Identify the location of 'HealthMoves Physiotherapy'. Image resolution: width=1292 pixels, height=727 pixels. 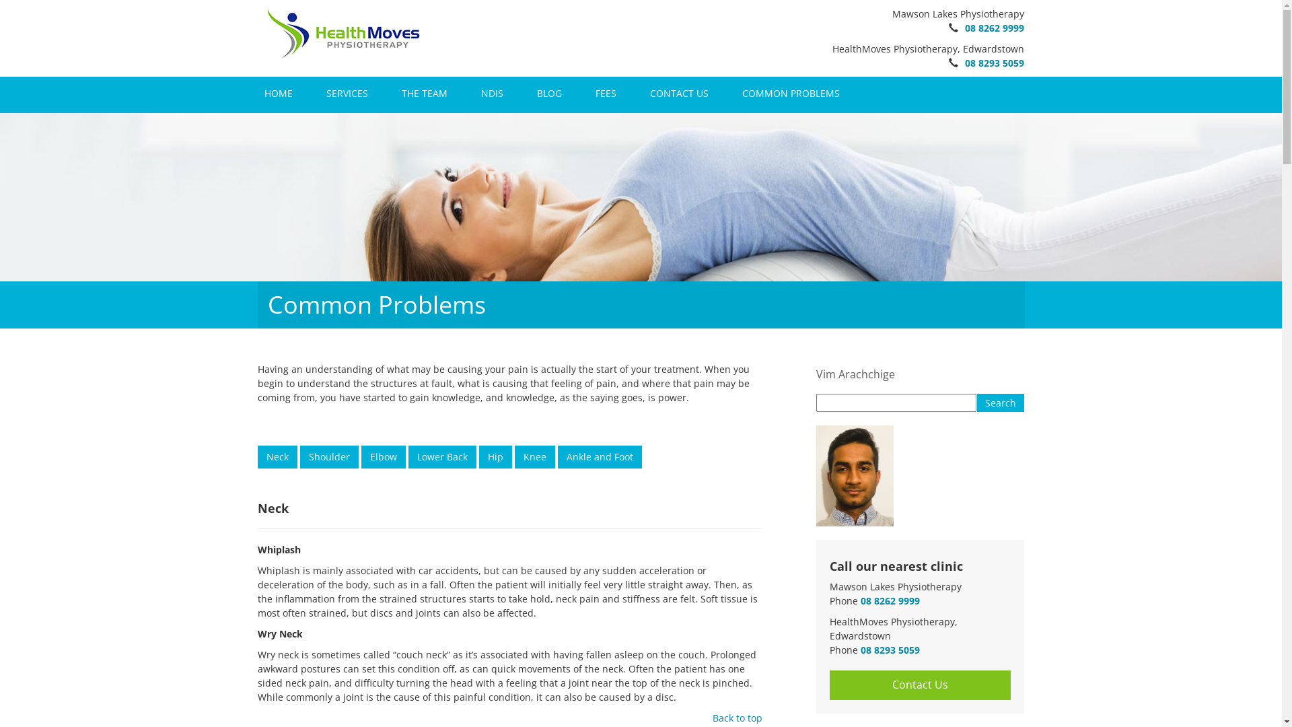
(343, 32).